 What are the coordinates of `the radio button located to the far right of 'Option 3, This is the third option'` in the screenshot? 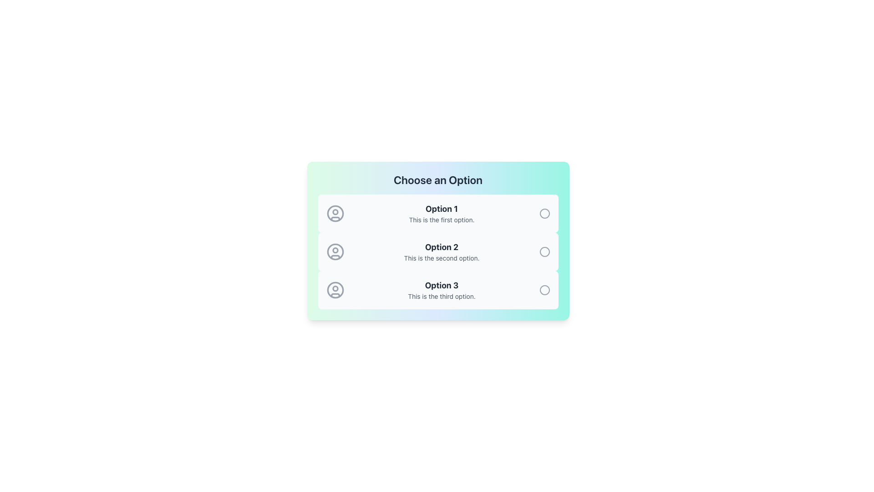 It's located at (544, 290).